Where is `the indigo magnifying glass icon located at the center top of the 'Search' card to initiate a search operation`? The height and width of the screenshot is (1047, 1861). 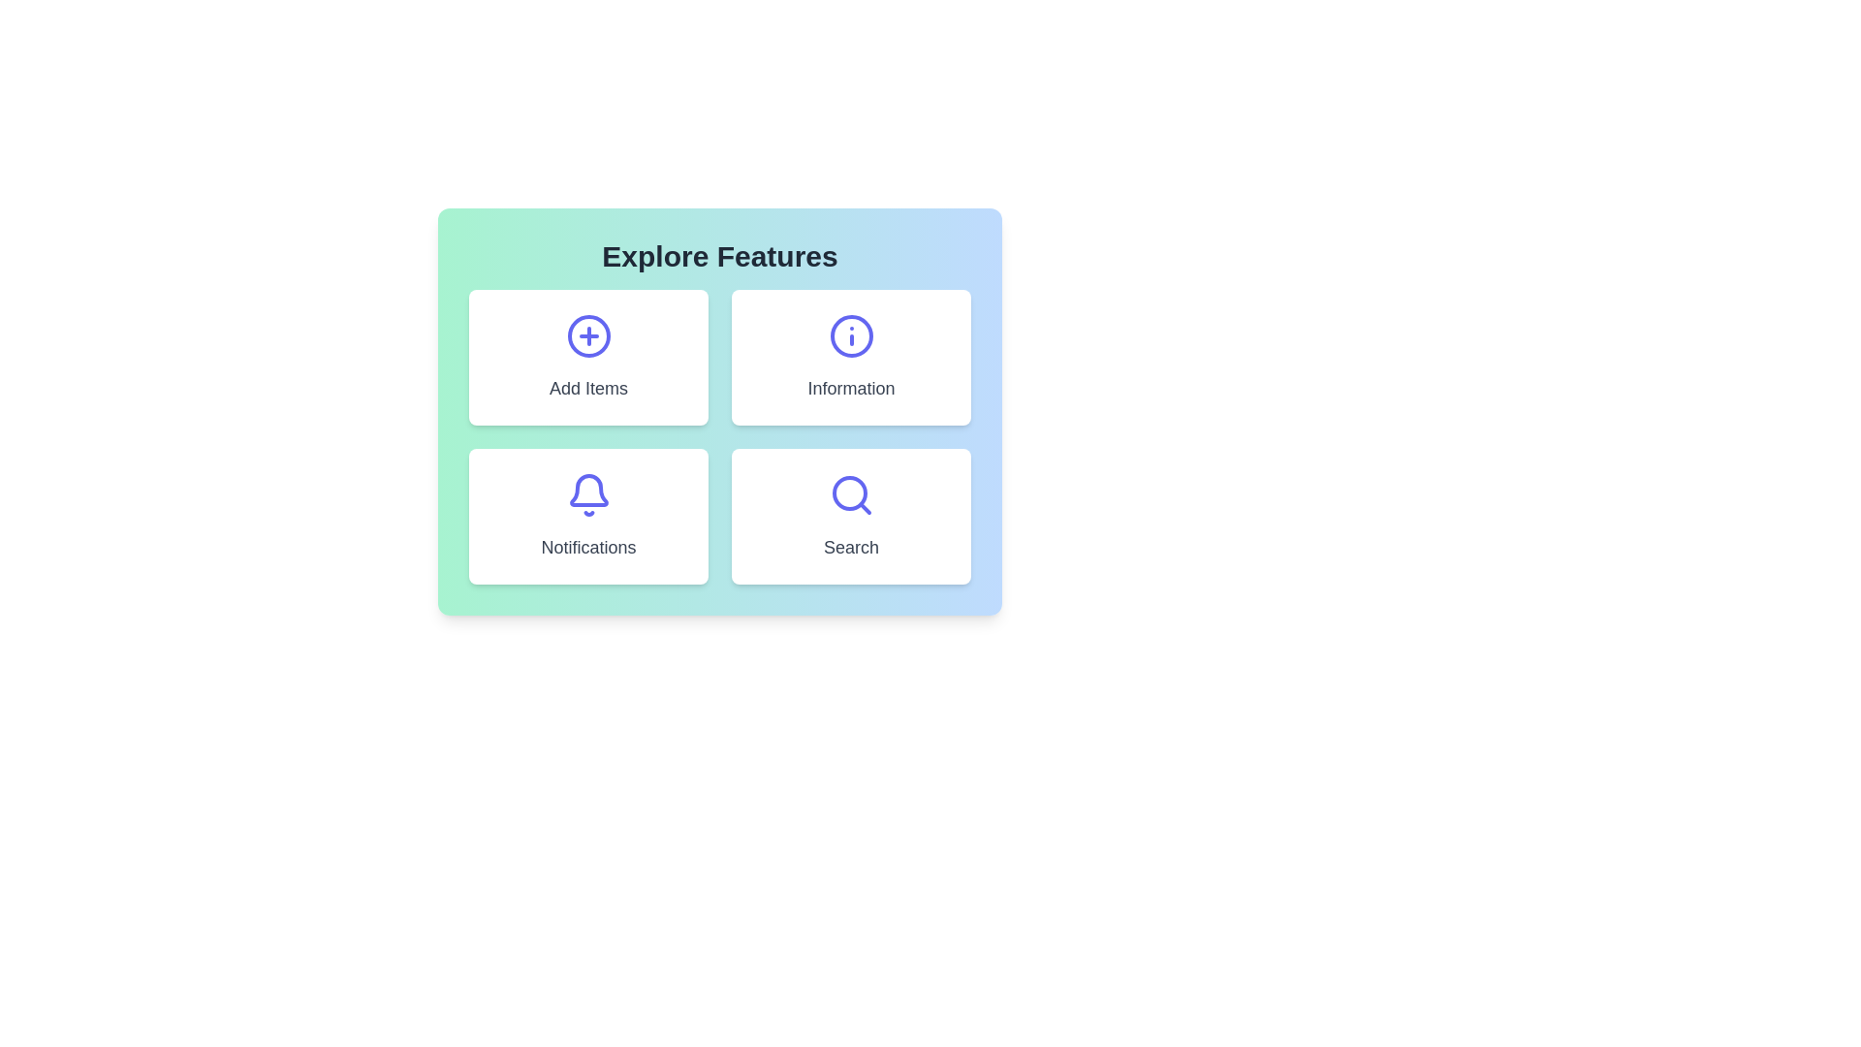
the indigo magnifying glass icon located at the center top of the 'Search' card to initiate a search operation is located at coordinates (851, 493).